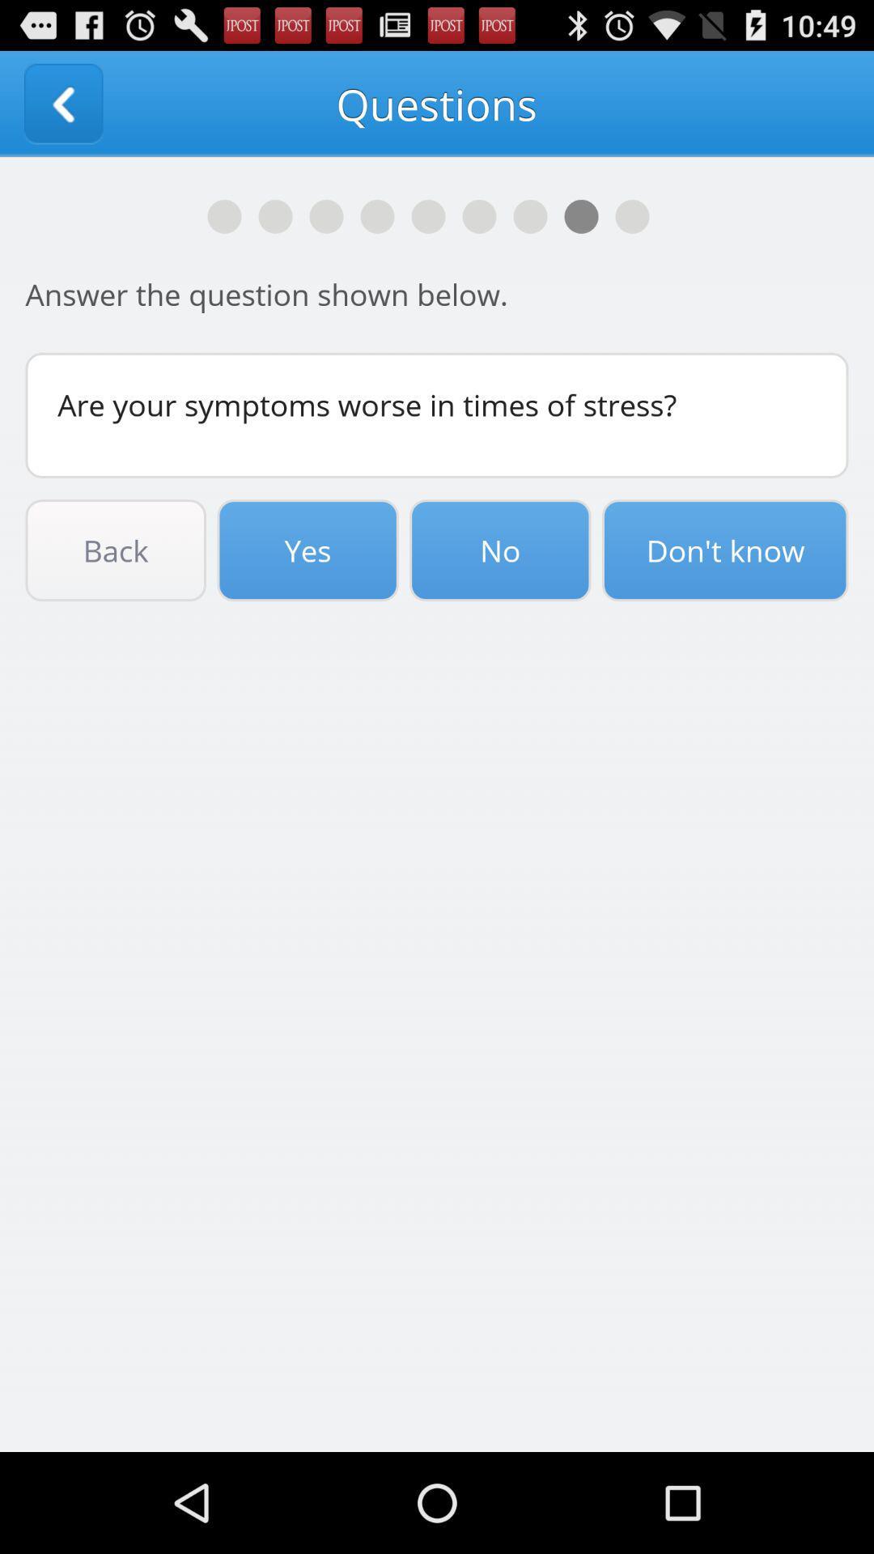 The image size is (874, 1554). Describe the element at coordinates (62, 103) in the screenshot. I see `go back` at that location.